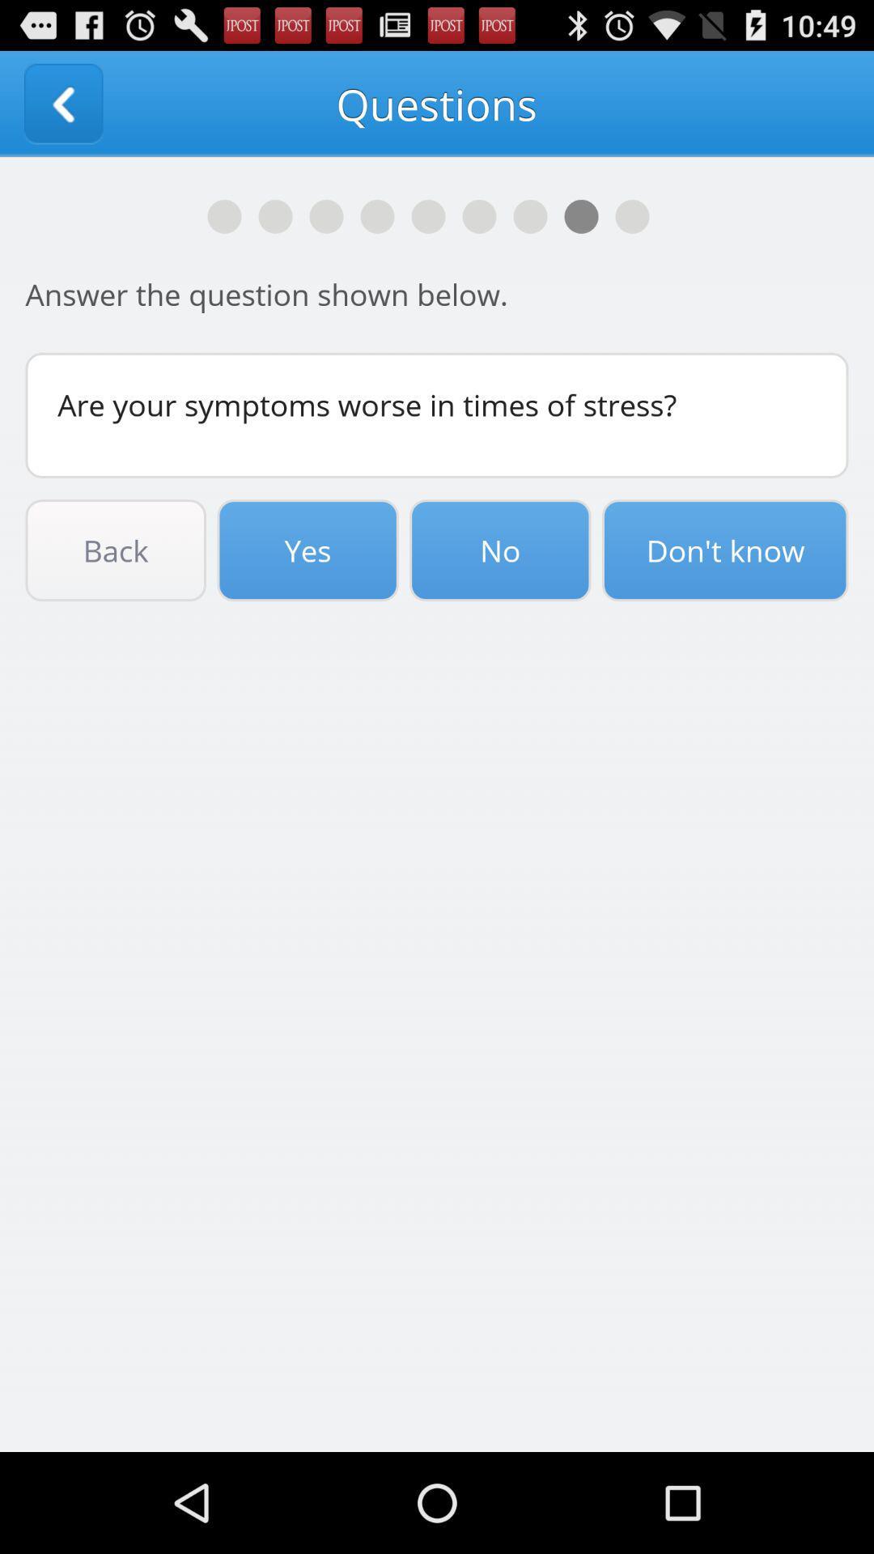 The image size is (874, 1554). Describe the element at coordinates (62, 103) in the screenshot. I see `go back` at that location.